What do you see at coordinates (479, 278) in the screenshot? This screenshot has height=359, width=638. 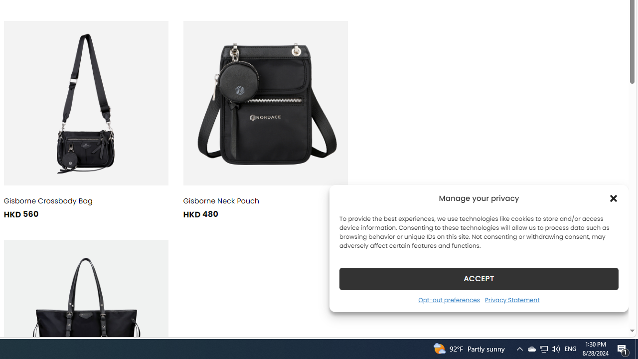 I see `'ACCEPT'` at bounding box center [479, 278].